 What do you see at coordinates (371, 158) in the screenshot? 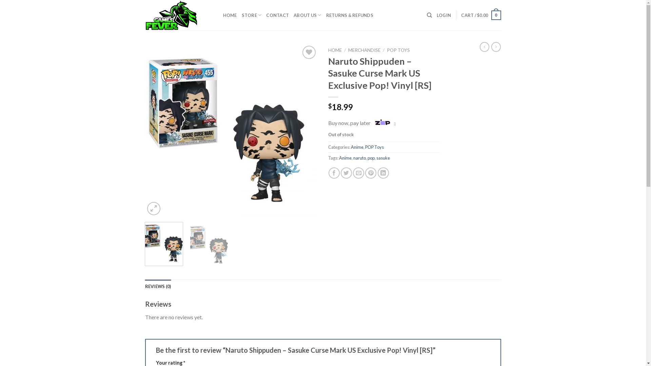
I see `'pop'` at bounding box center [371, 158].